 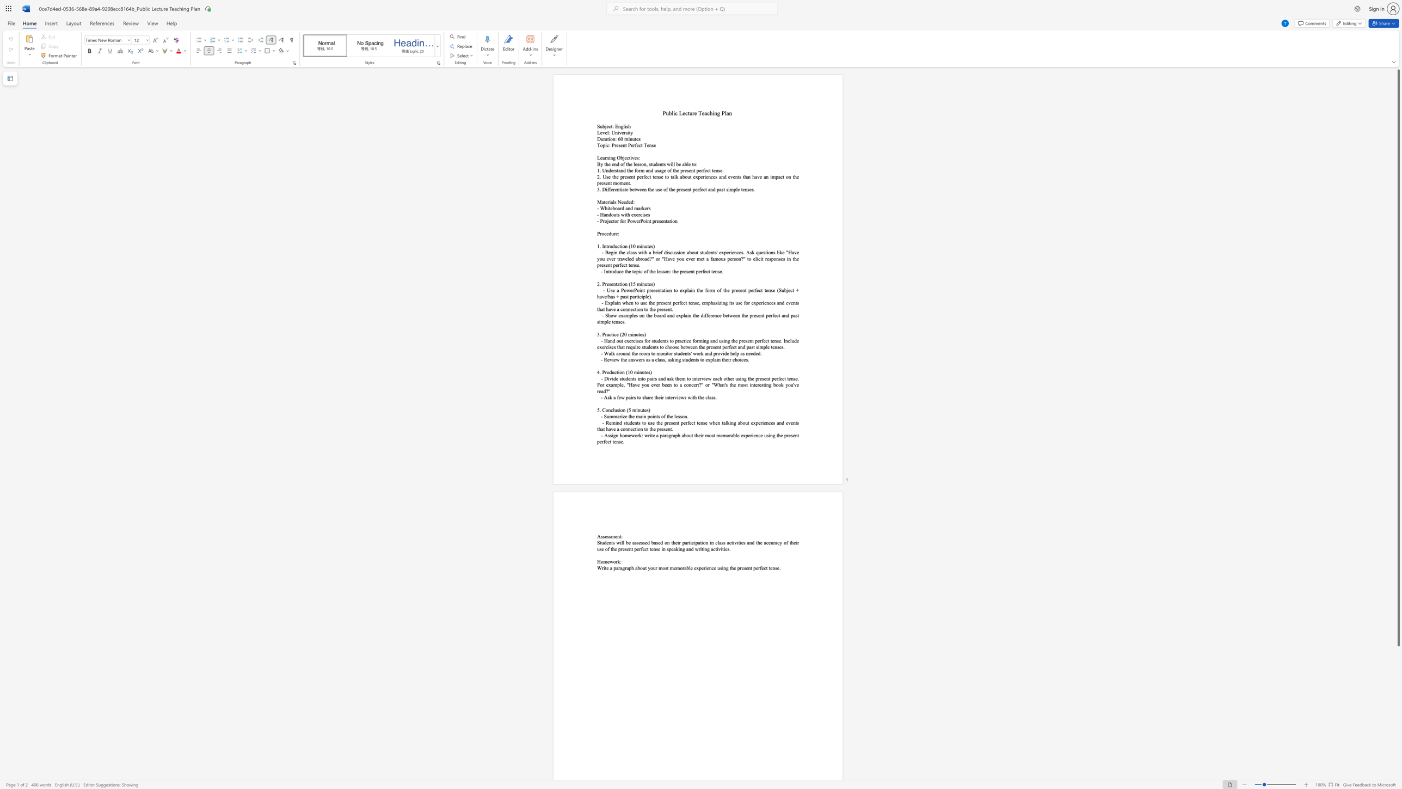 I want to click on the subset text "esent perfect tense in speaking and wri" within the text "Students will be assessed based on their participation in class activities and the accuracy of their use of the present perfect tense in speaking and writing activities.", so click(x=622, y=549).